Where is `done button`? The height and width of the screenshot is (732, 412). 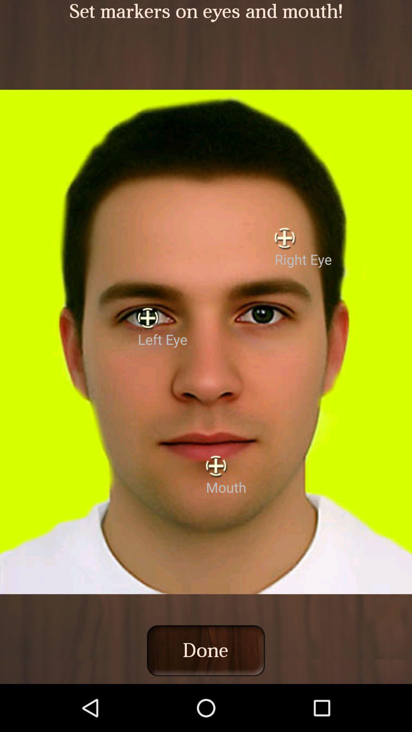
done button is located at coordinates (205, 650).